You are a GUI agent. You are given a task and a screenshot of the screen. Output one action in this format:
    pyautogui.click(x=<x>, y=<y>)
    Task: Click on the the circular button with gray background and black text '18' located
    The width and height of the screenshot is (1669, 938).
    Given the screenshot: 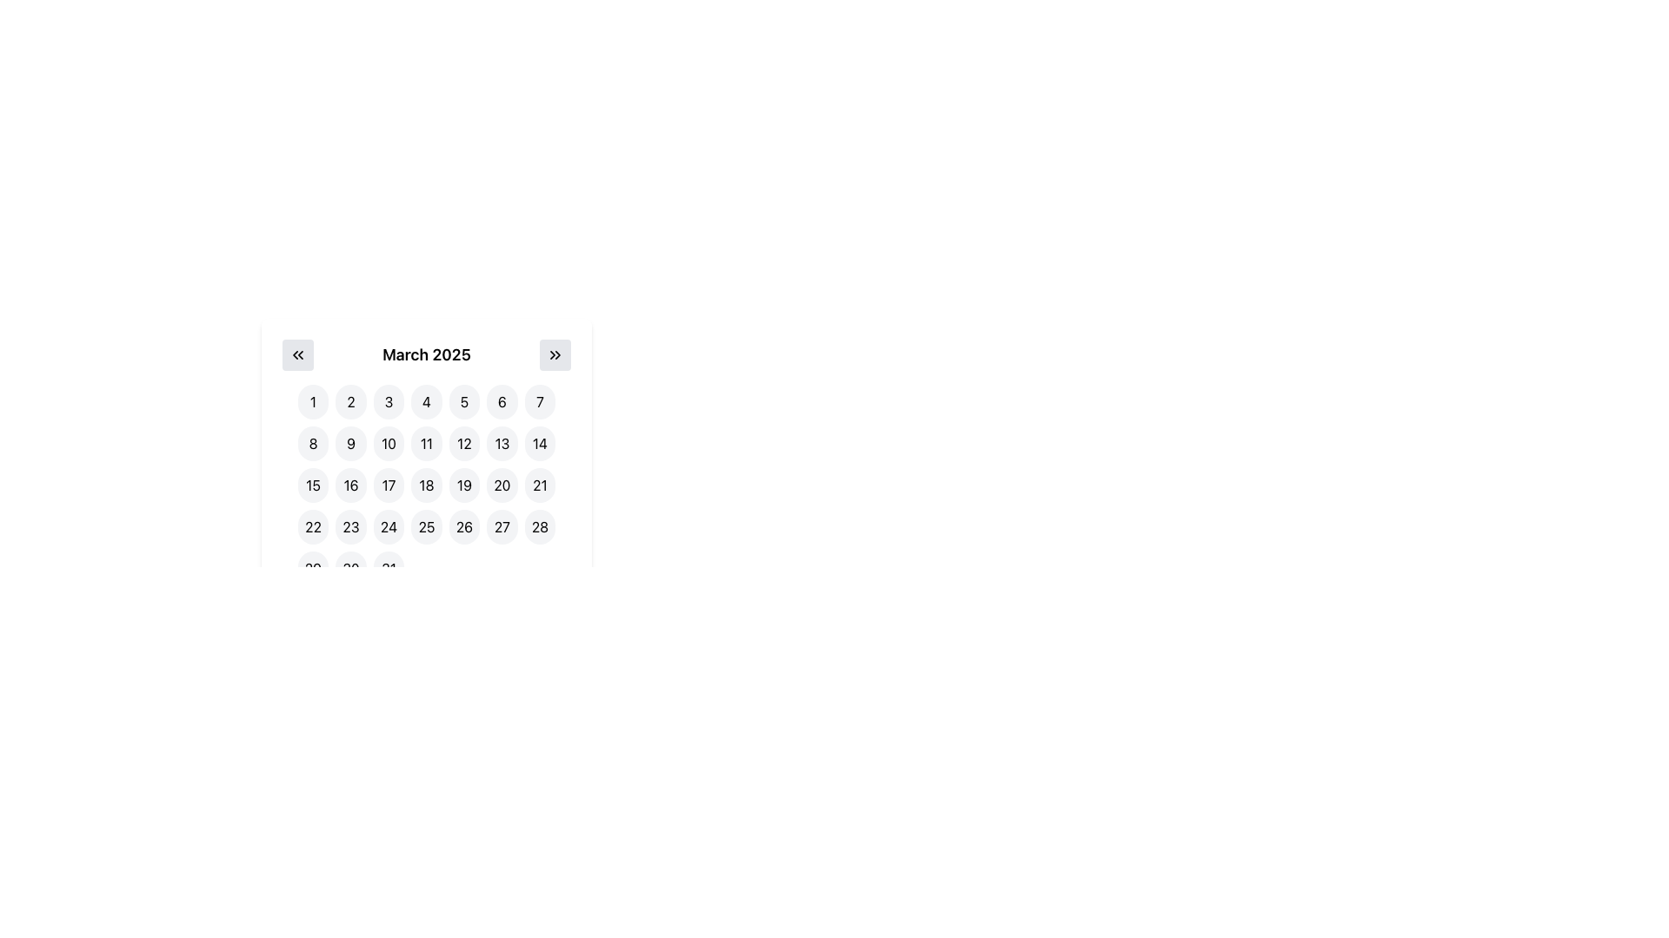 What is the action you would take?
    pyautogui.click(x=426, y=486)
    